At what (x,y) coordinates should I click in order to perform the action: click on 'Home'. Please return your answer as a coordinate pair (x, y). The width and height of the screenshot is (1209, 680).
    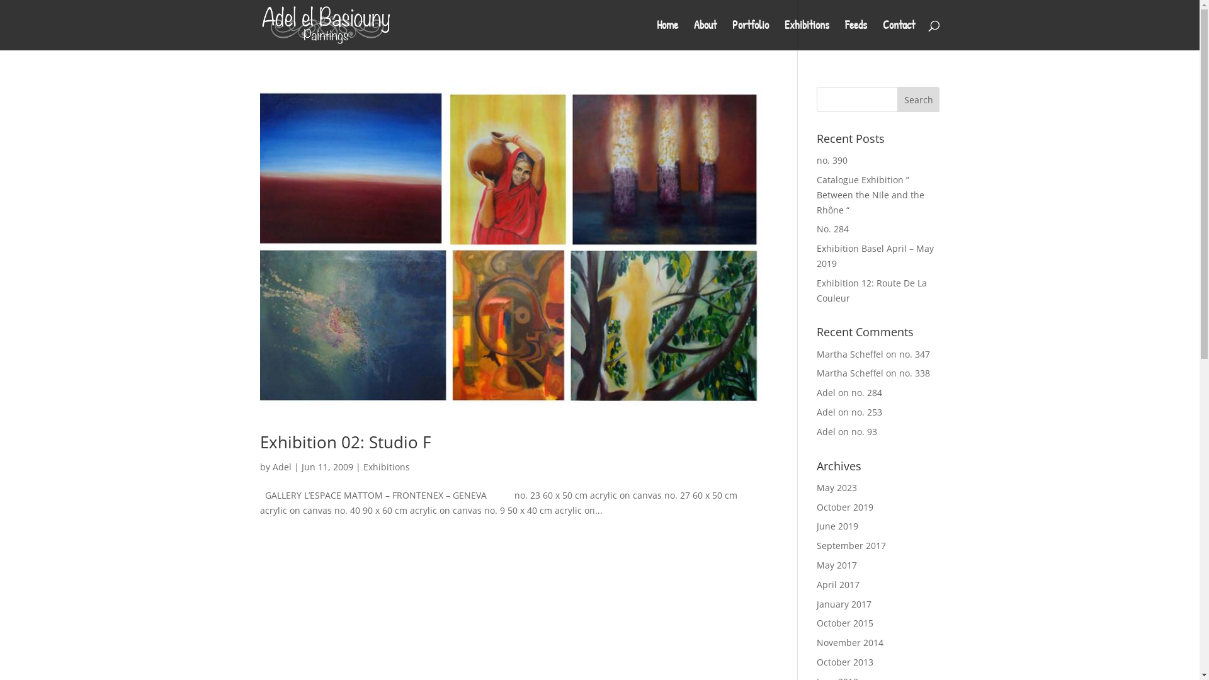
    Looking at the image, I should click on (666, 35).